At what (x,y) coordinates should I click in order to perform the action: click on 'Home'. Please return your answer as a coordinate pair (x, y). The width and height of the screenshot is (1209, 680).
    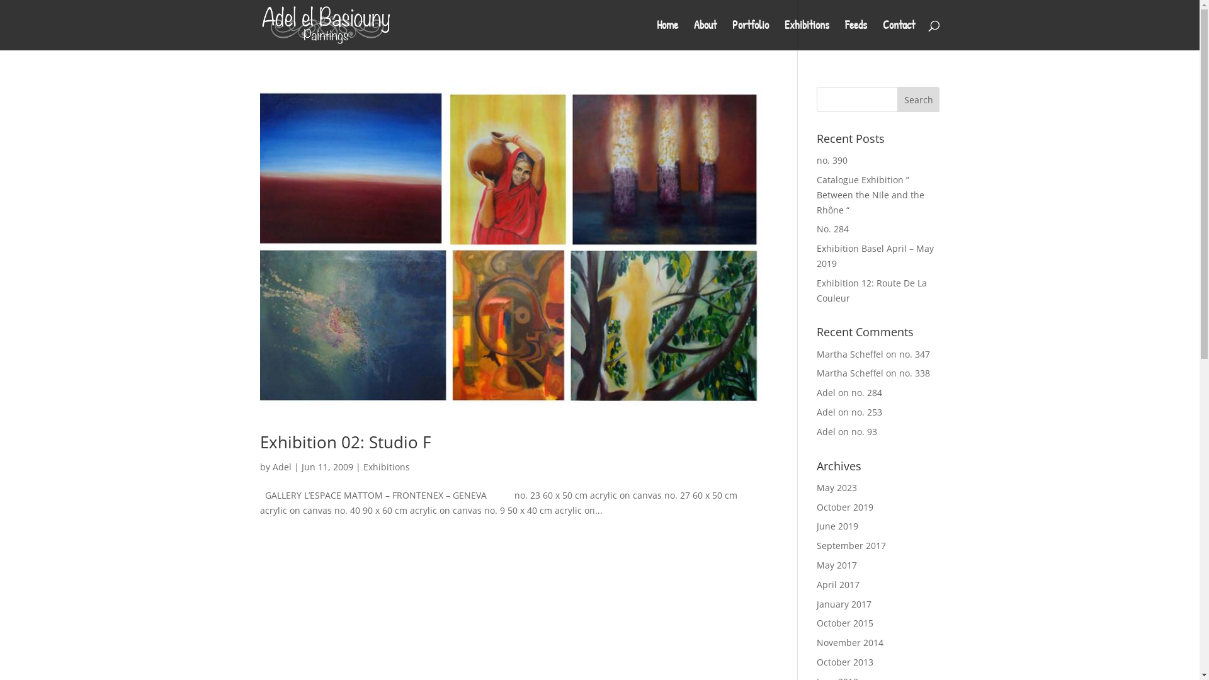
    Looking at the image, I should click on (666, 35).